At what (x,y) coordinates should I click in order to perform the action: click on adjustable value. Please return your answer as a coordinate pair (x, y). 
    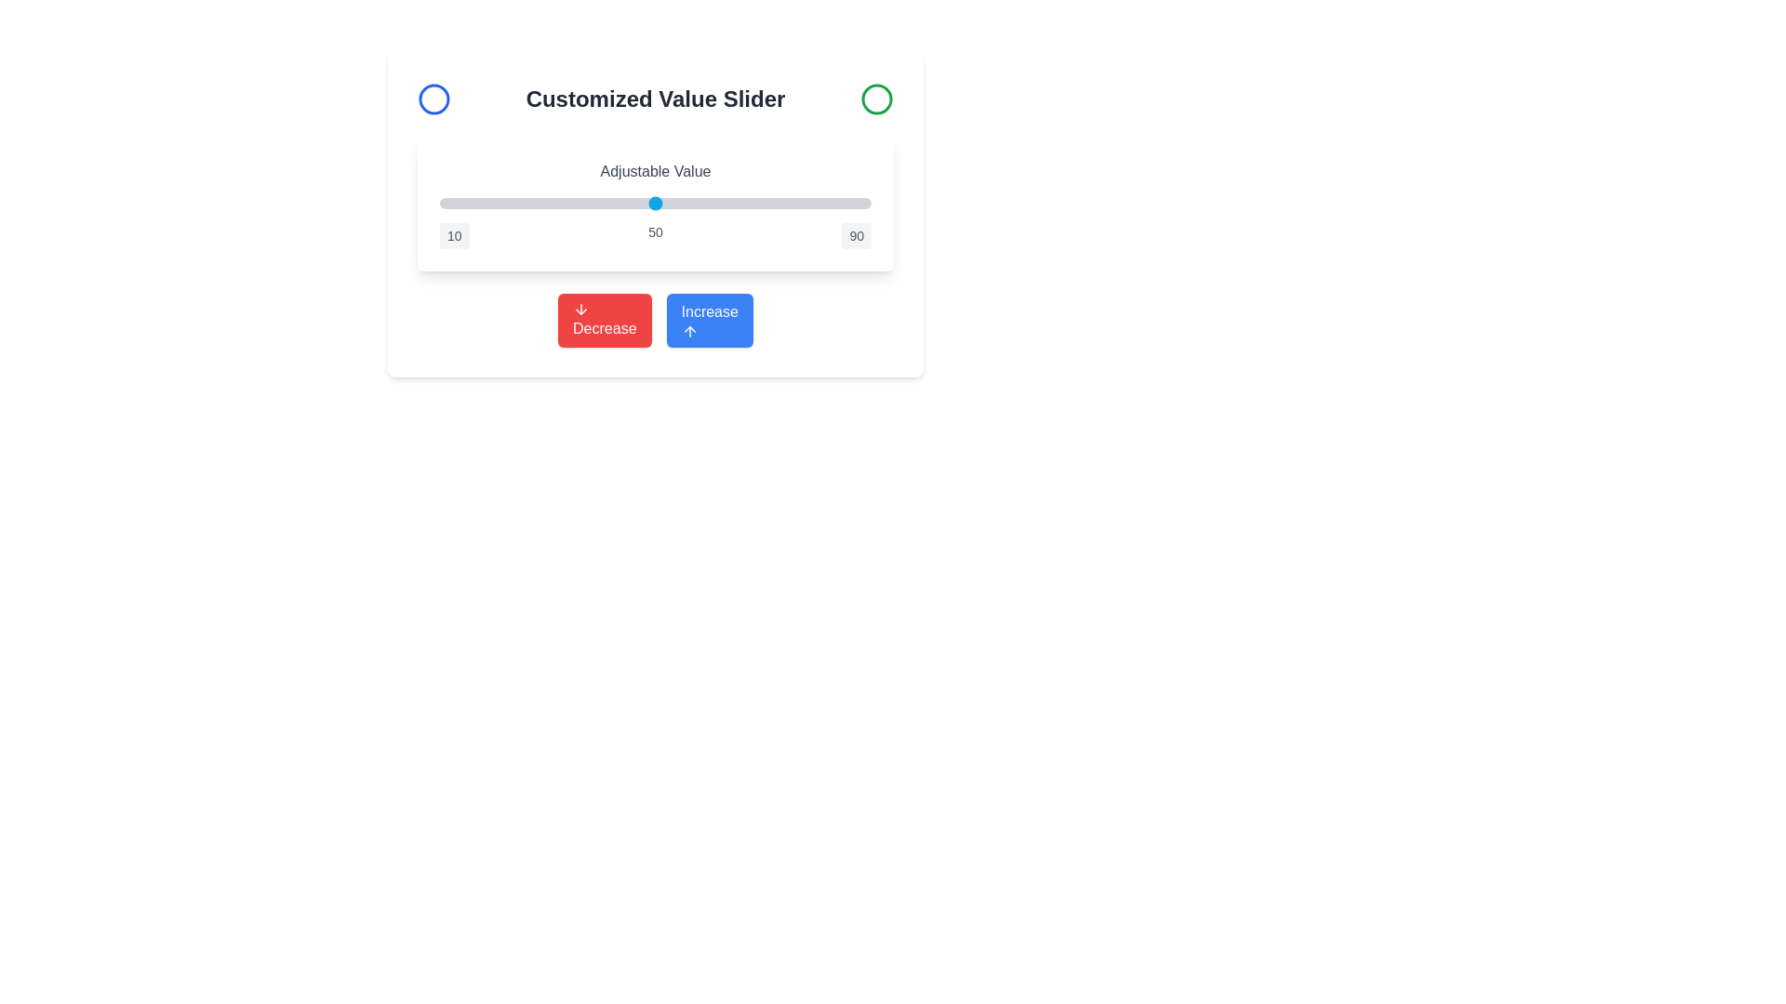
    Looking at the image, I should click on (602, 204).